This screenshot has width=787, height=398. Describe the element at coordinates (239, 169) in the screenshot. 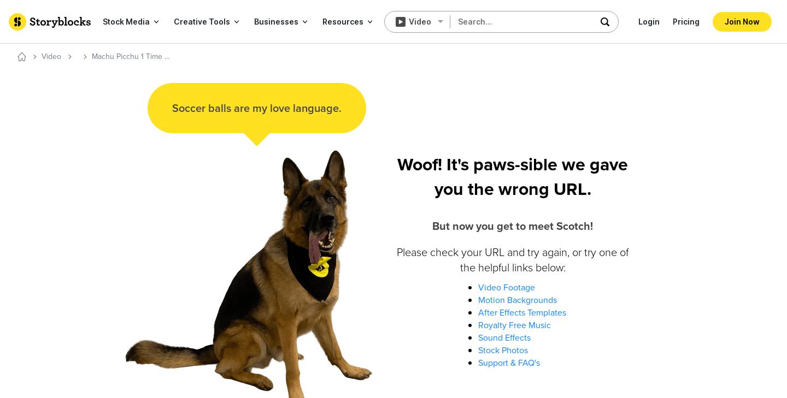

I see `'Lifestyle'` at that location.